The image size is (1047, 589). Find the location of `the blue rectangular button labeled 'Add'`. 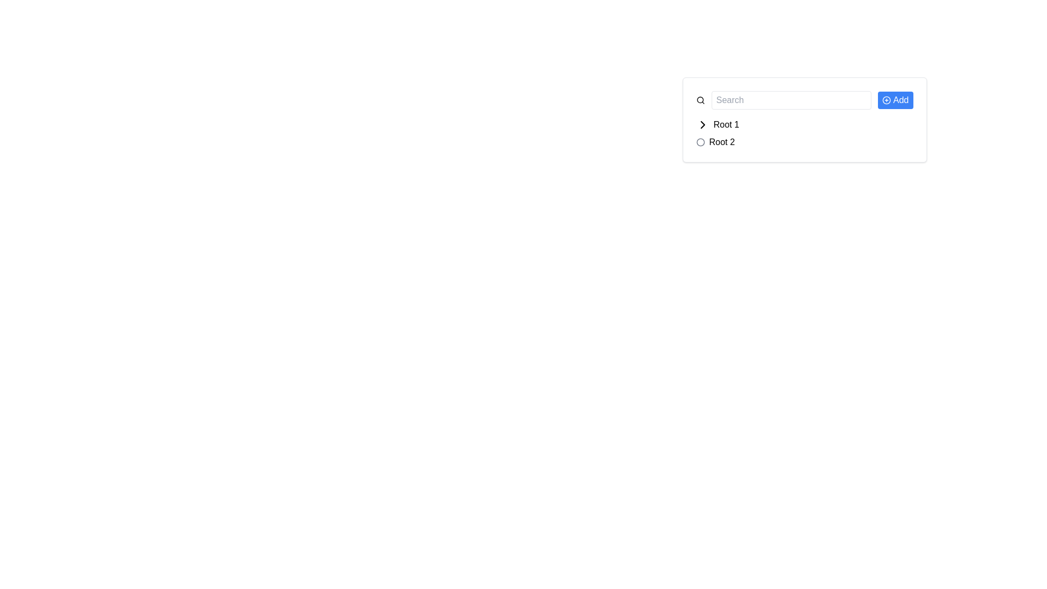

the blue rectangular button labeled 'Add' is located at coordinates (804, 100).